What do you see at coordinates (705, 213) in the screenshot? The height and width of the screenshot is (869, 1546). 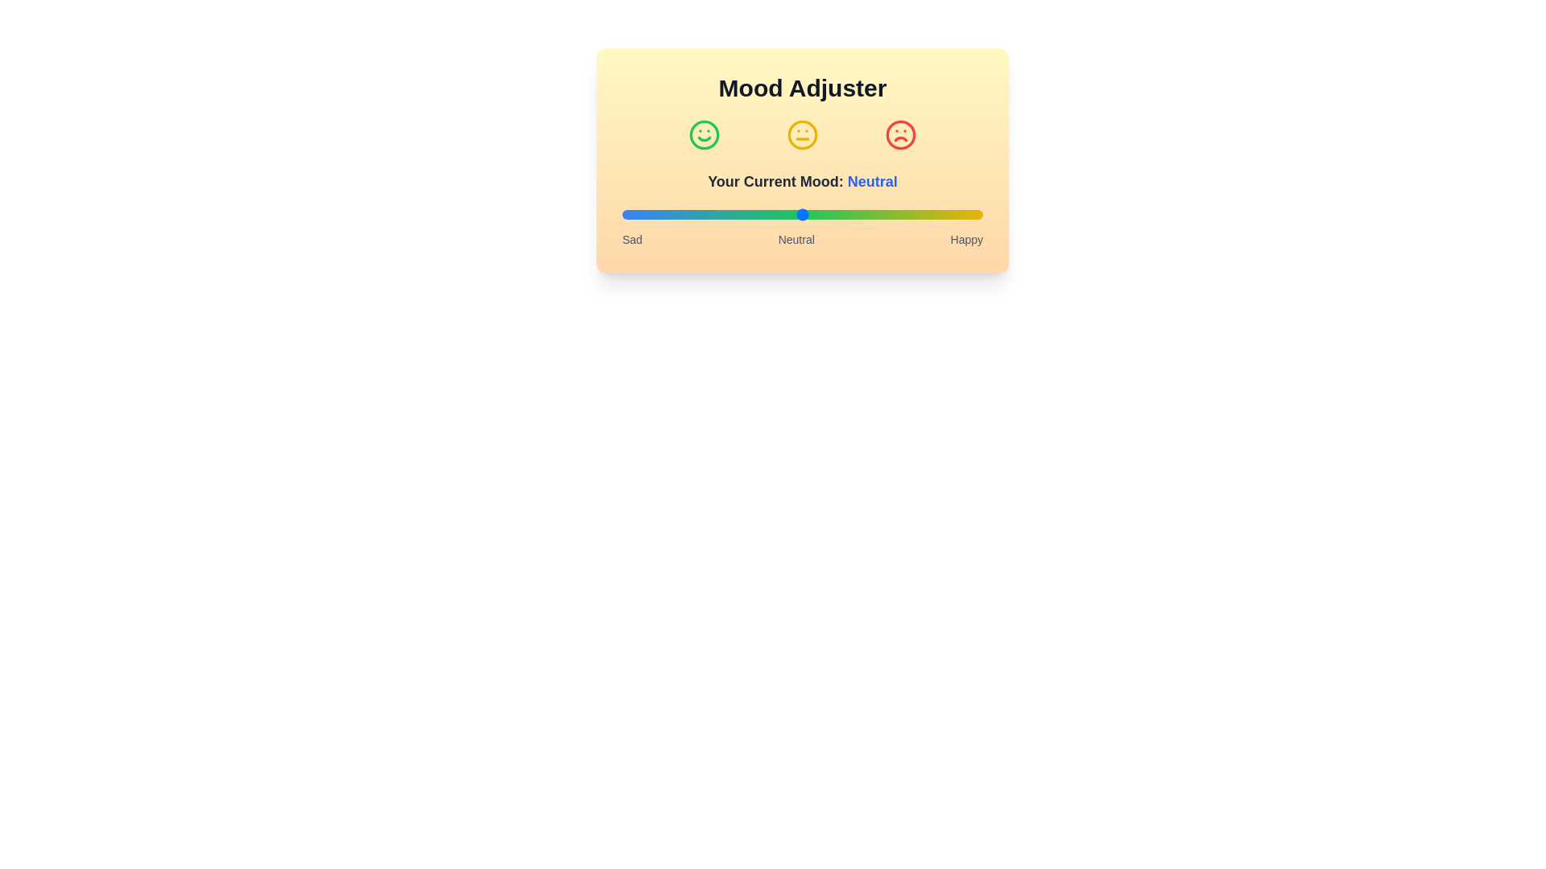 I see `the mood slider to the desired level 23` at bounding box center [705, 213].